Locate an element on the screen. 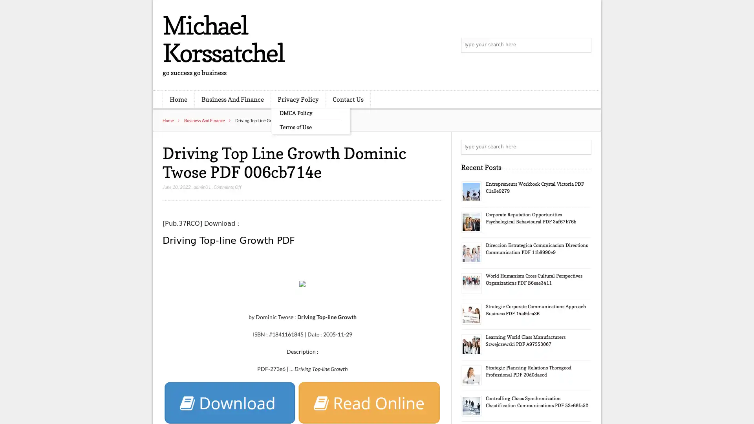 The width and height of the screenshot is (754, 424). Search is located at coordinates (583, 147).